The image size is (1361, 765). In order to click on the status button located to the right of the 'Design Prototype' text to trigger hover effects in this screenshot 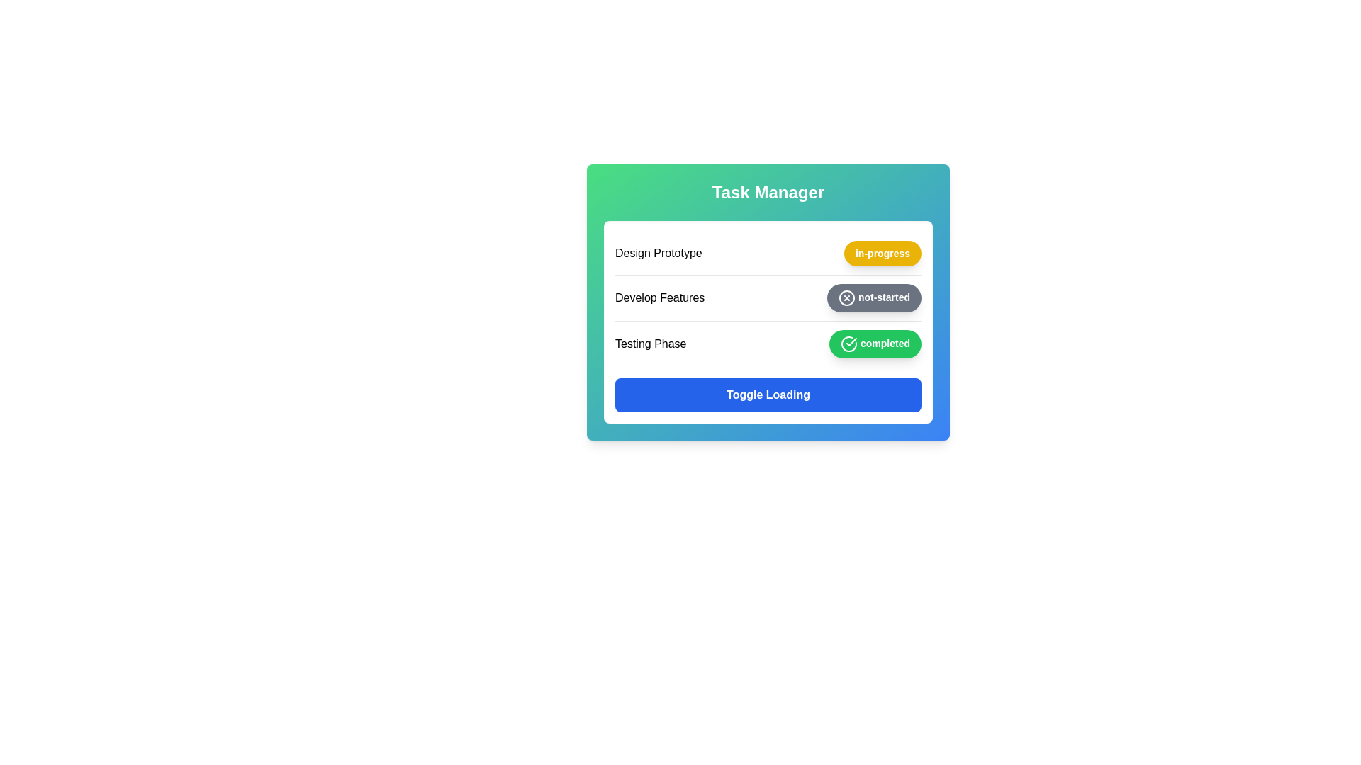, I will do `click(882, 253)`.